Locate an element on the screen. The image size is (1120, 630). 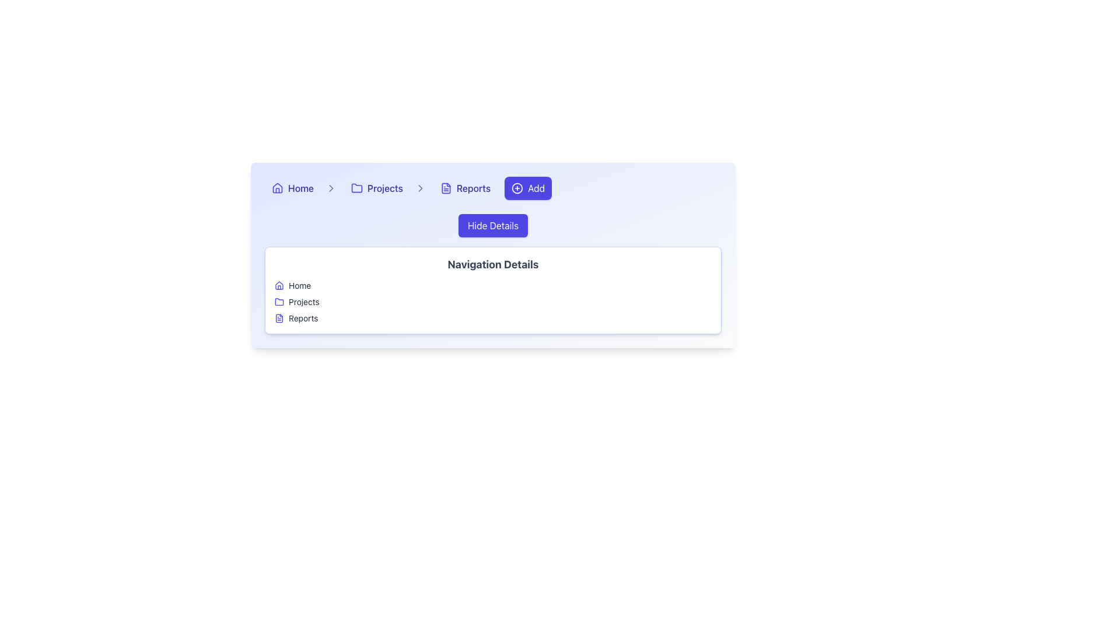
the house icon located in the navigation bar near the top left of the layout, which is part of the breadcrumb-style navigation accompanying the 'Home' label is located at coordinates (279, 285).